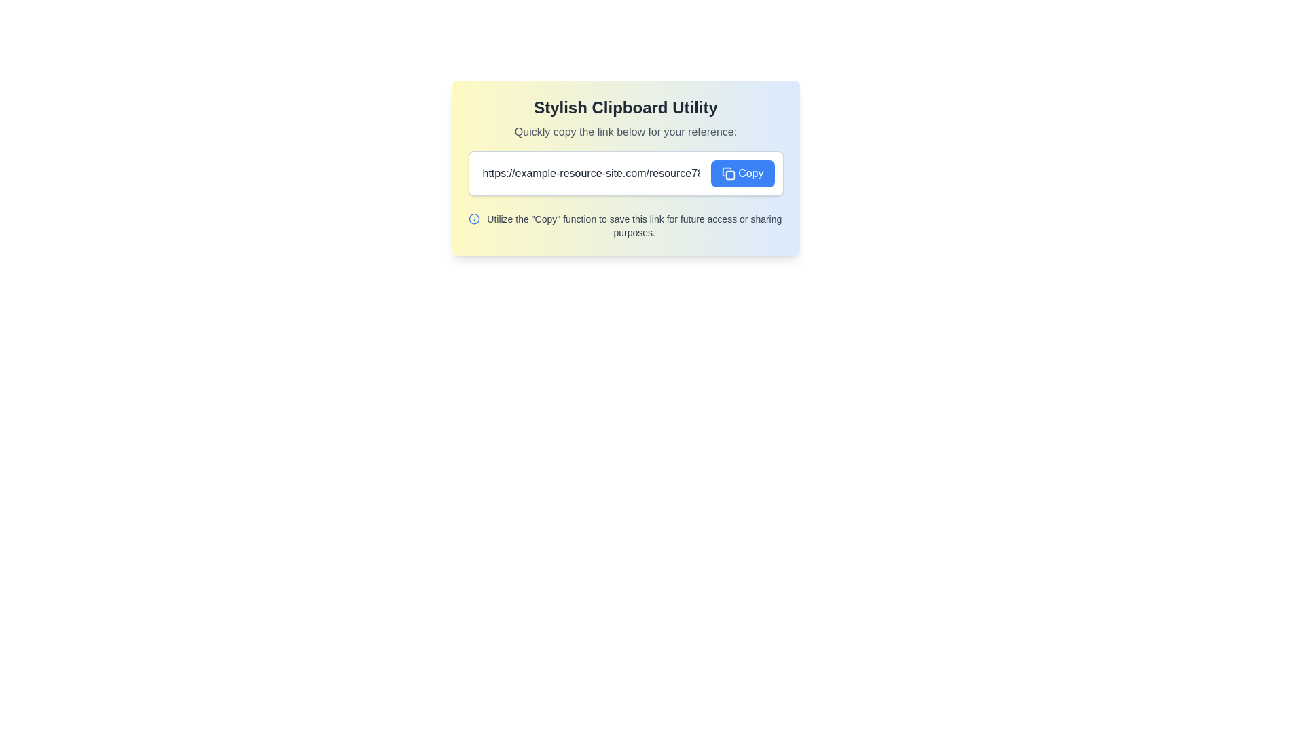 This screenshot has width=1304, height=733. I want to click on the copy link button located to the right of the input field, so click(742, 172).